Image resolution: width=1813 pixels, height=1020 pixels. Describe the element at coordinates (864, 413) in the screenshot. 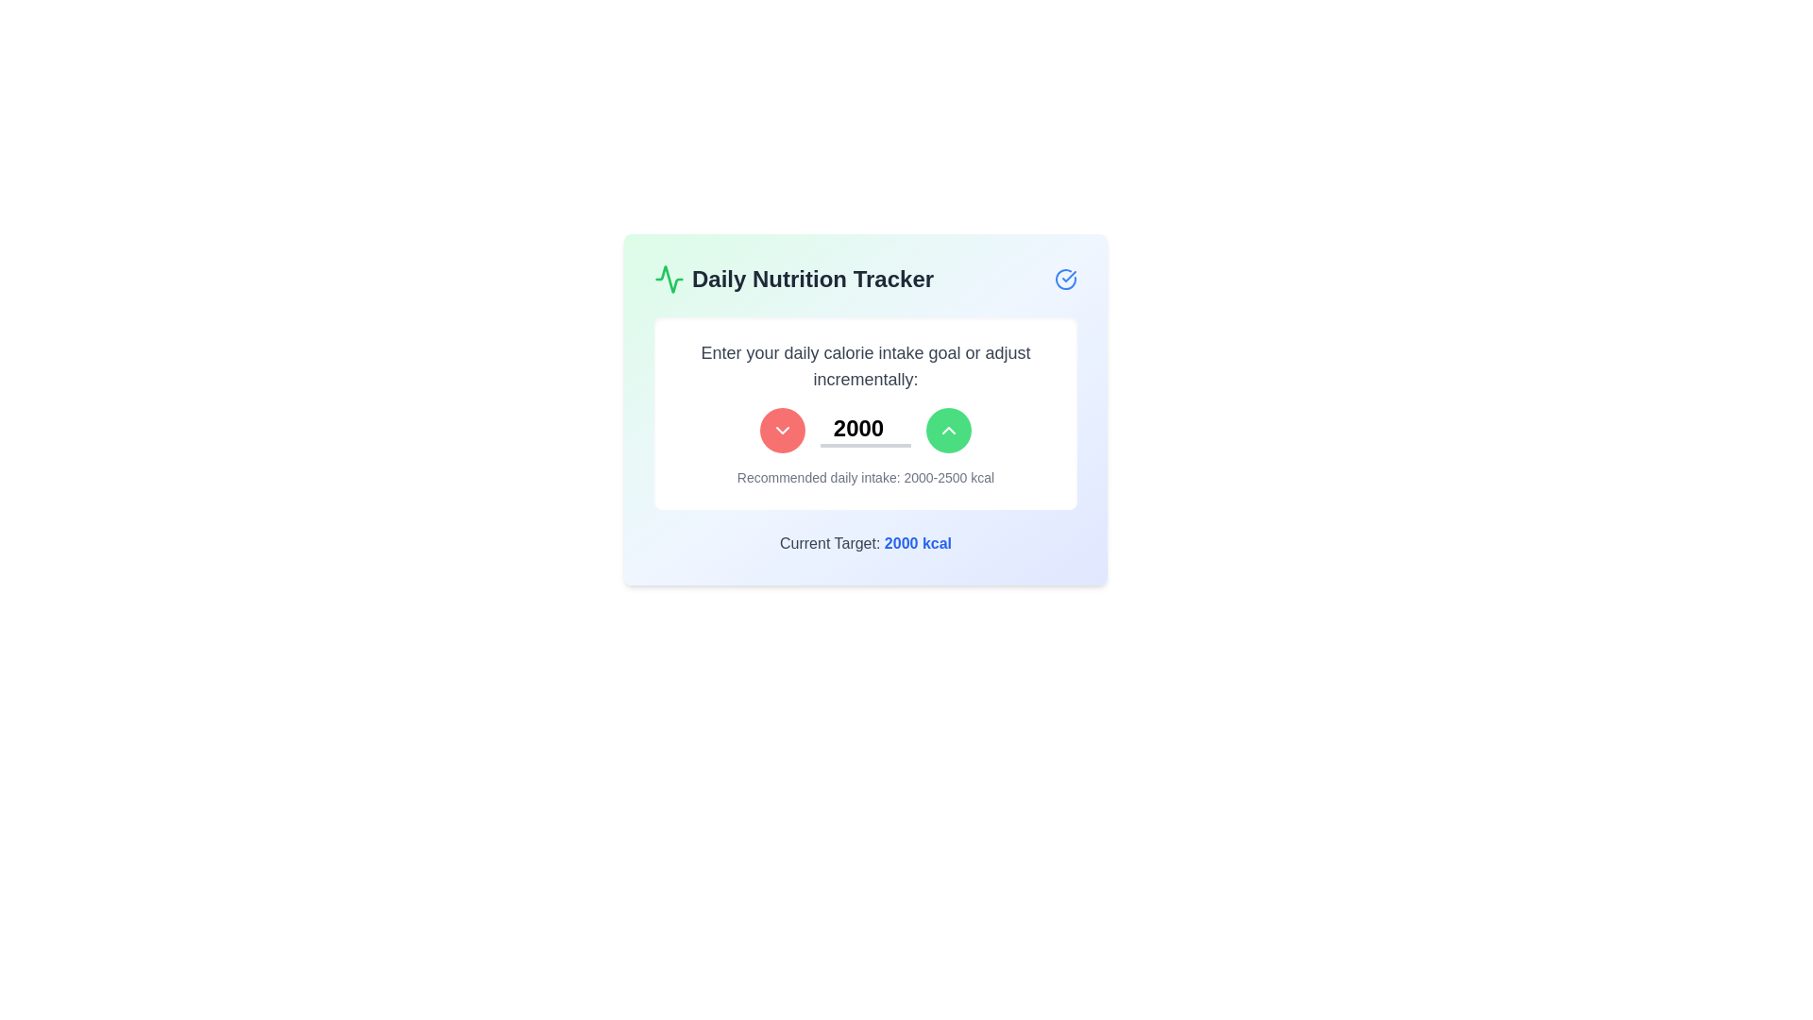

I see `the calorie intake adjustment widget buttons, which consist of an increment button on the right, a decrement button on the left, and a numeric input field in the center, located below the 'Daily Nutrition Tracker' header` at that location.